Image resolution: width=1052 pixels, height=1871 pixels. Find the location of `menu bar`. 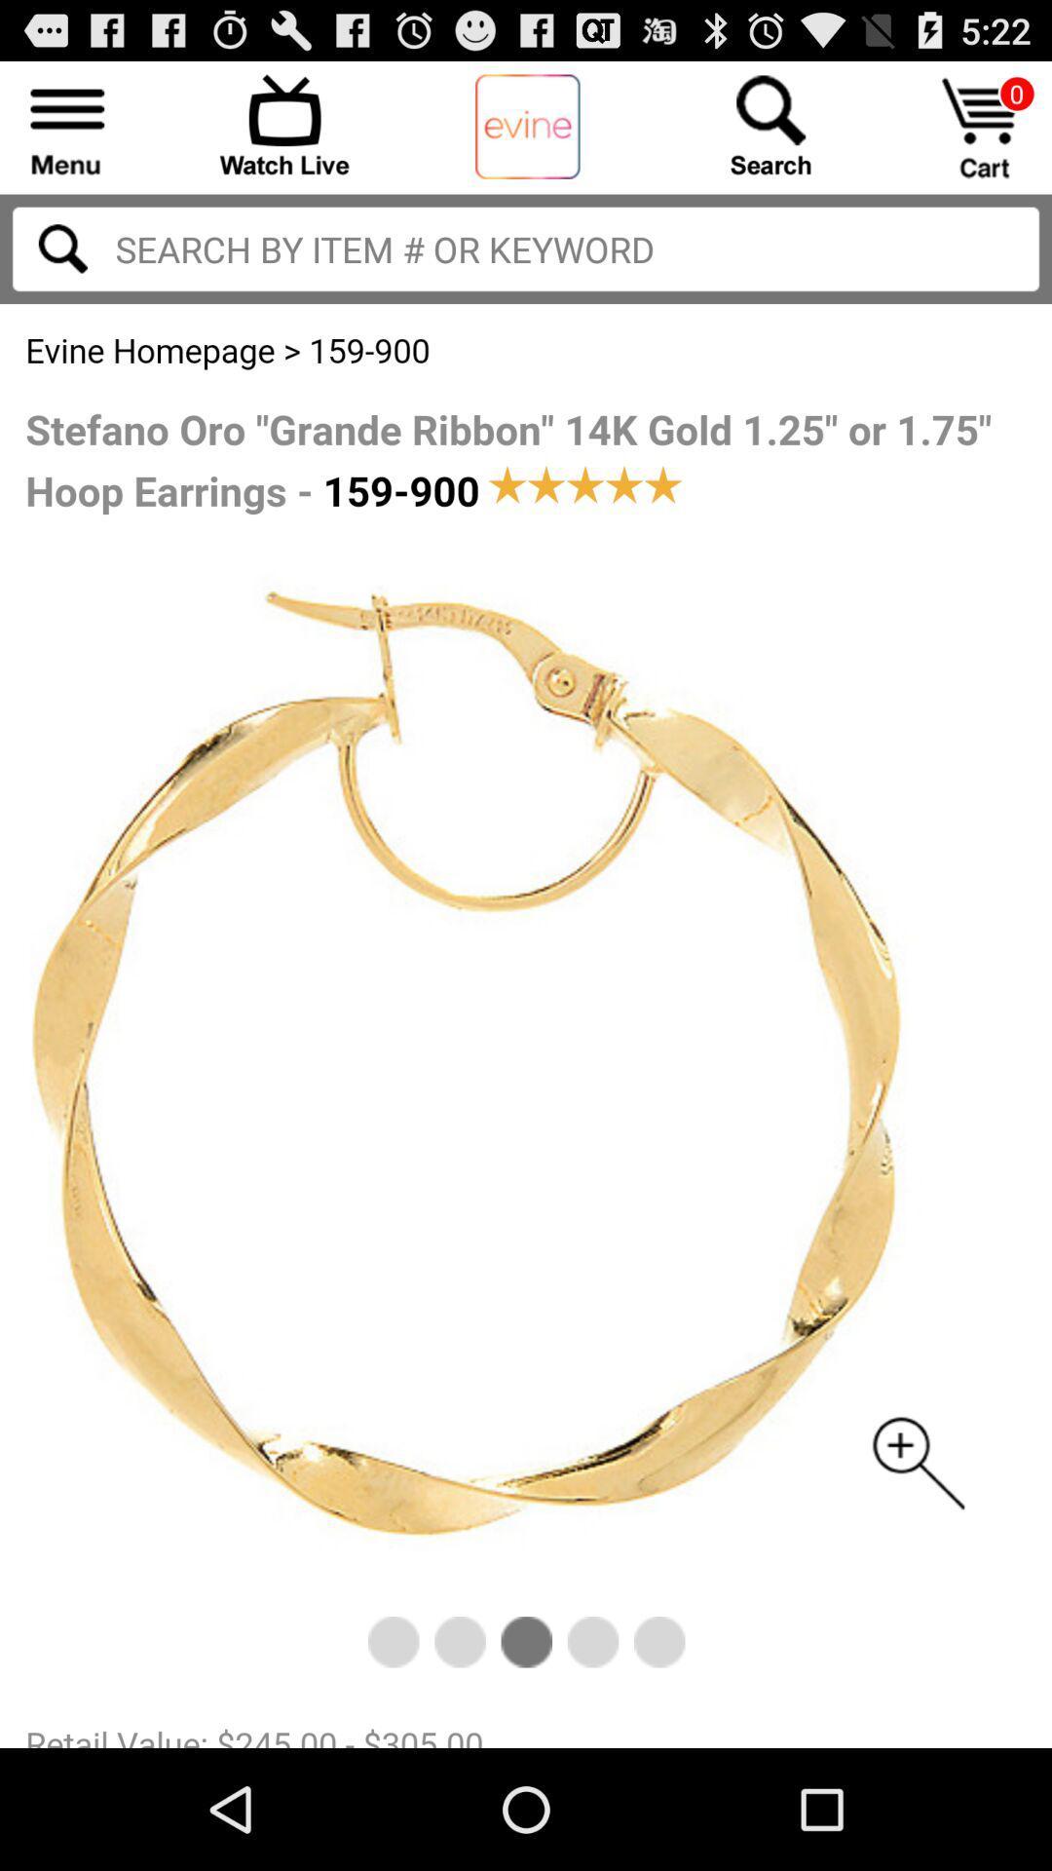

menu bar is located at coordinates (66, 124).